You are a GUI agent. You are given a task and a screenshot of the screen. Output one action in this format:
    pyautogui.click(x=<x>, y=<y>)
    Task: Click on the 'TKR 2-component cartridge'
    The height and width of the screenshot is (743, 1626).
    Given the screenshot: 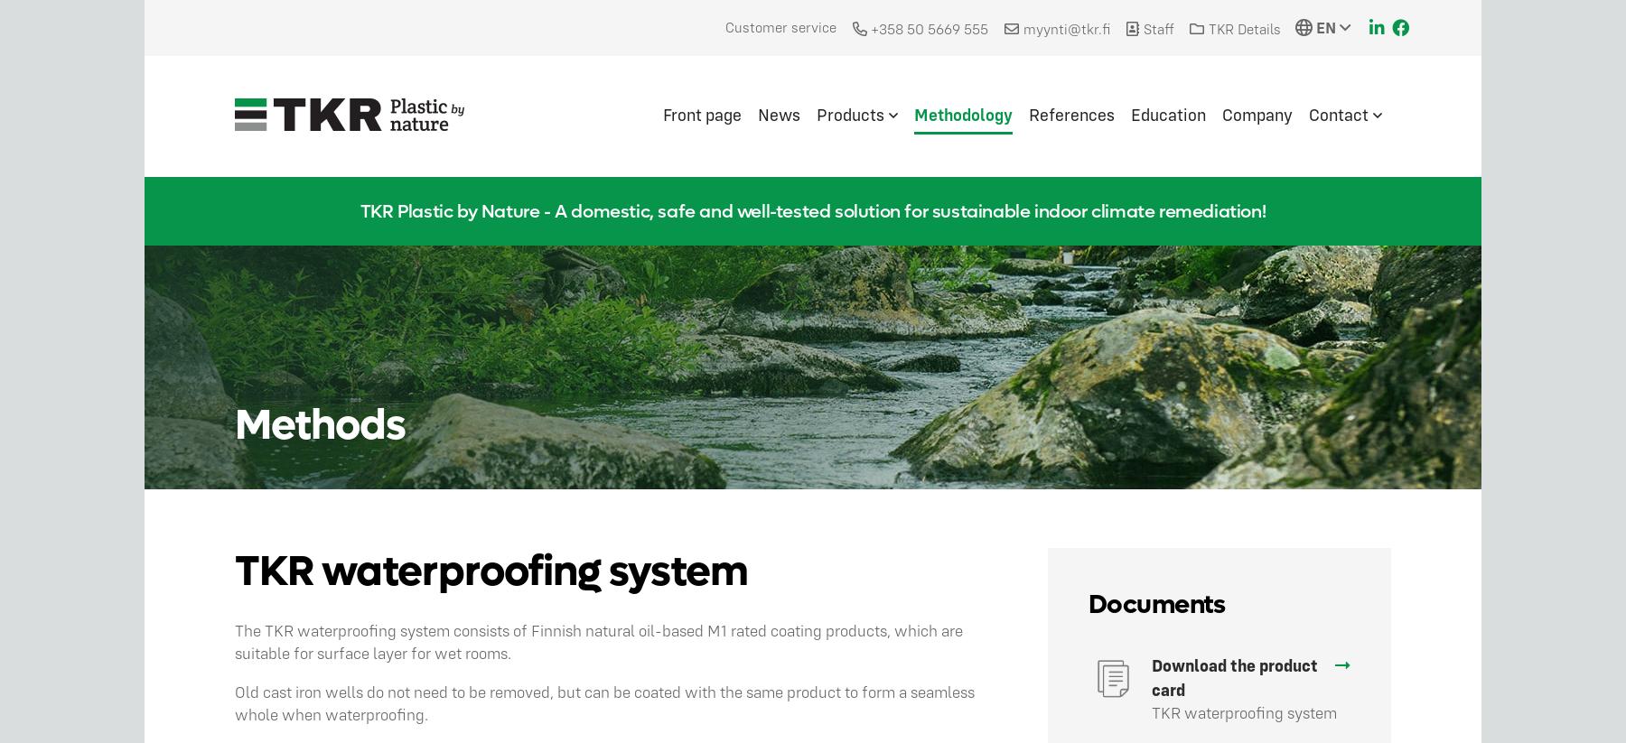 What is the action you would take?
    pyautogui.click(x=936, y=280)
    